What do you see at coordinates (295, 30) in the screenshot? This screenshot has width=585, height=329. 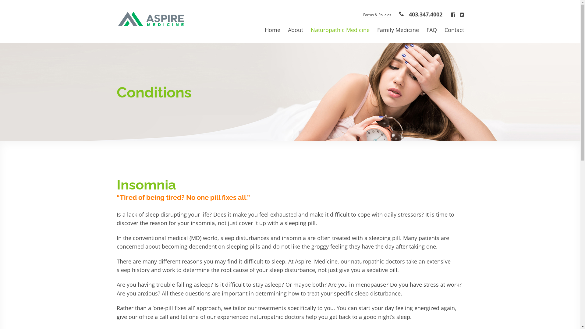 I see `'About'` at bounding box center [295, 30].